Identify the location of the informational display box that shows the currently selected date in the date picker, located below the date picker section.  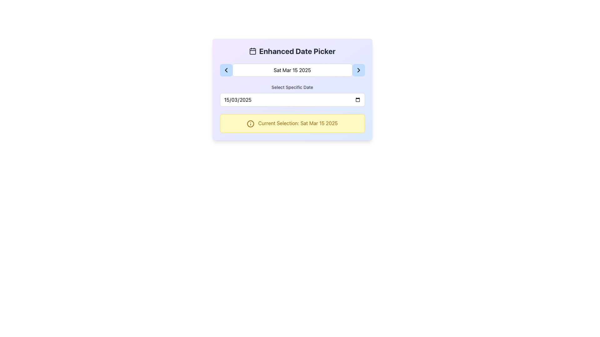
(292, 123).